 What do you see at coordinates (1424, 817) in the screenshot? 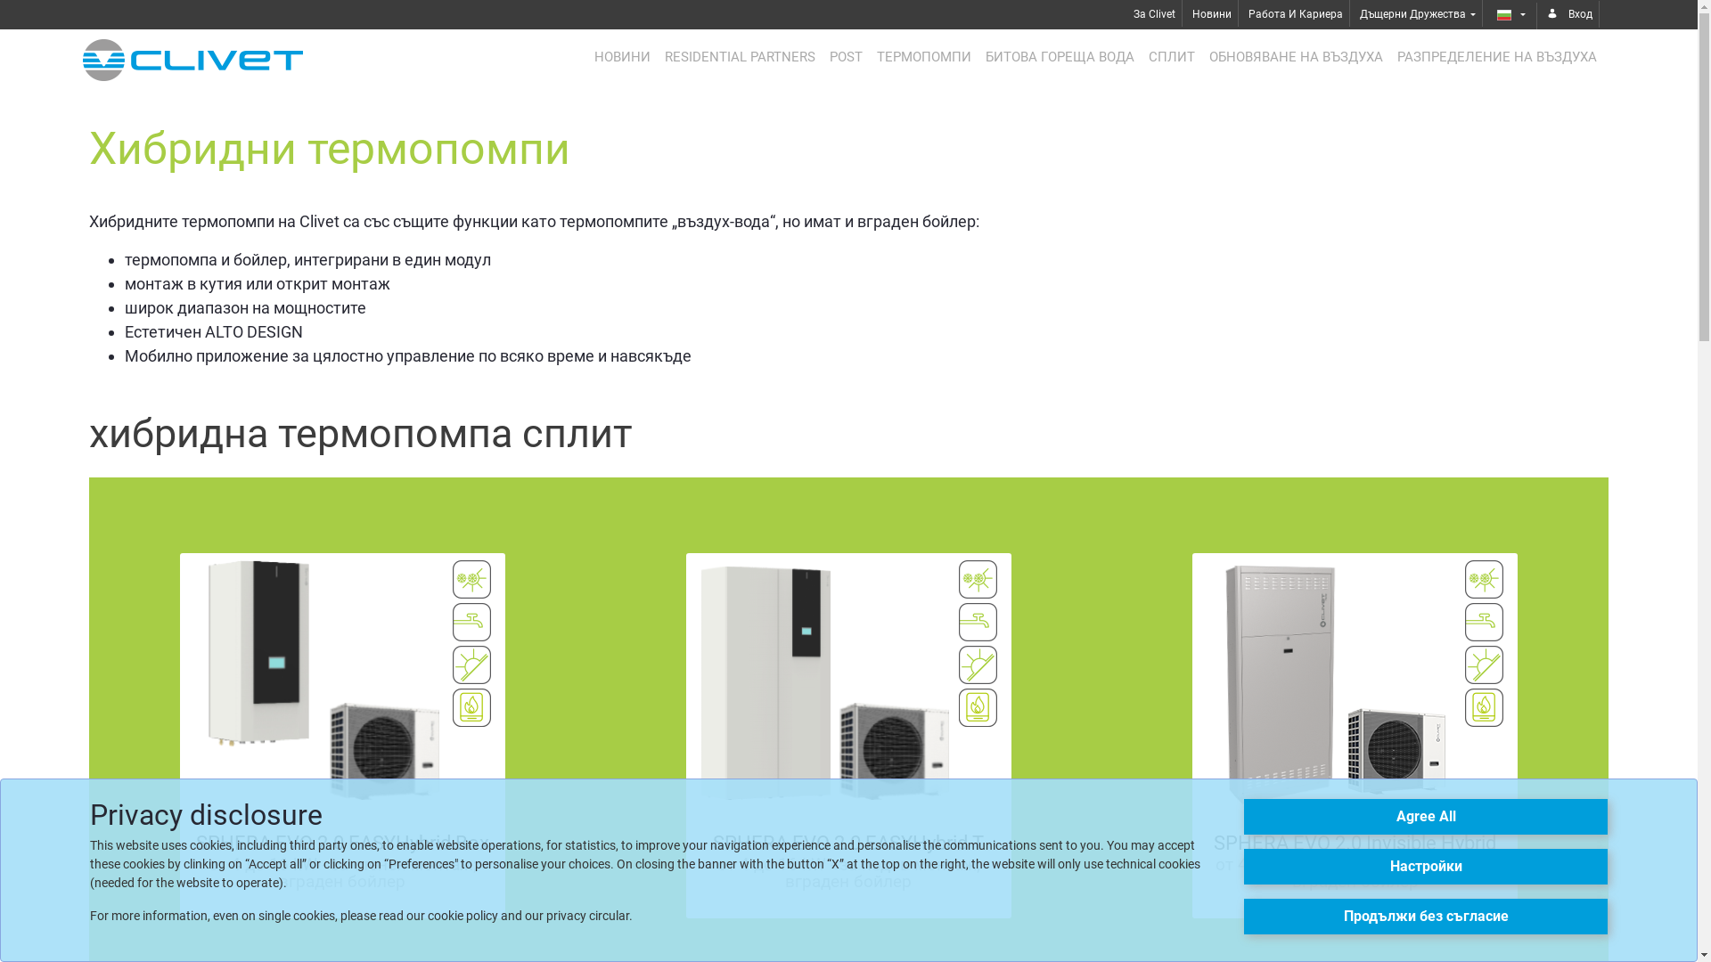
I see `'Agree All'` at bounding box center [1424, 817].